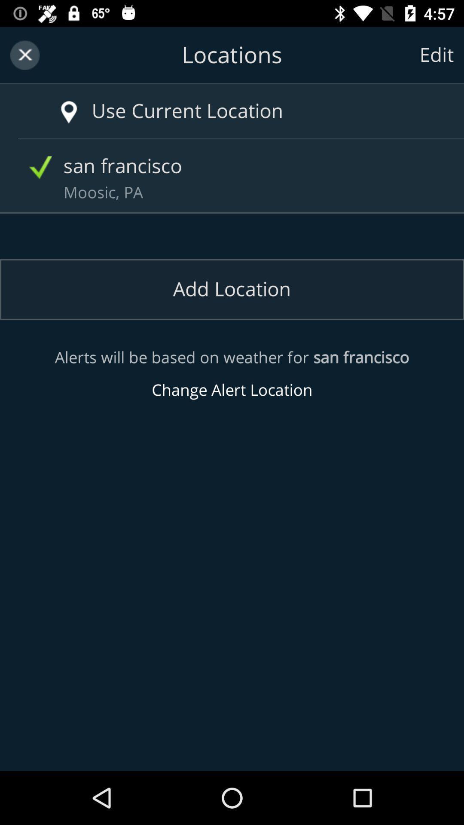  What do you see at coordinates (232, 55) in the screenshot?
I see `locations` at bounding box center [232, 55].